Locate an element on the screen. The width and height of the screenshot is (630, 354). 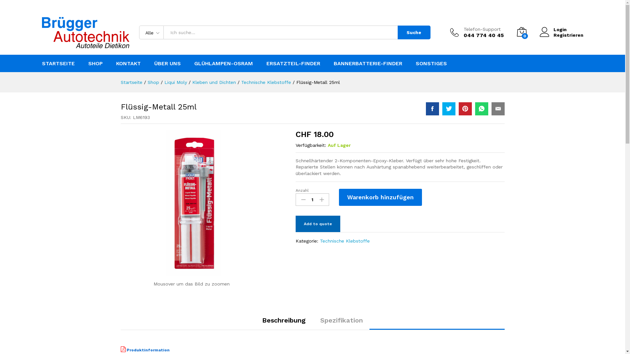
'SHOP' is located at coordinates (94, 63).